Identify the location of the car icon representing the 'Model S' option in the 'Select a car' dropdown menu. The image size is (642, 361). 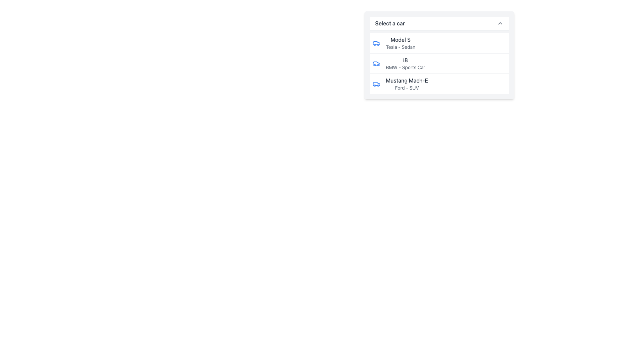
(377, 43).